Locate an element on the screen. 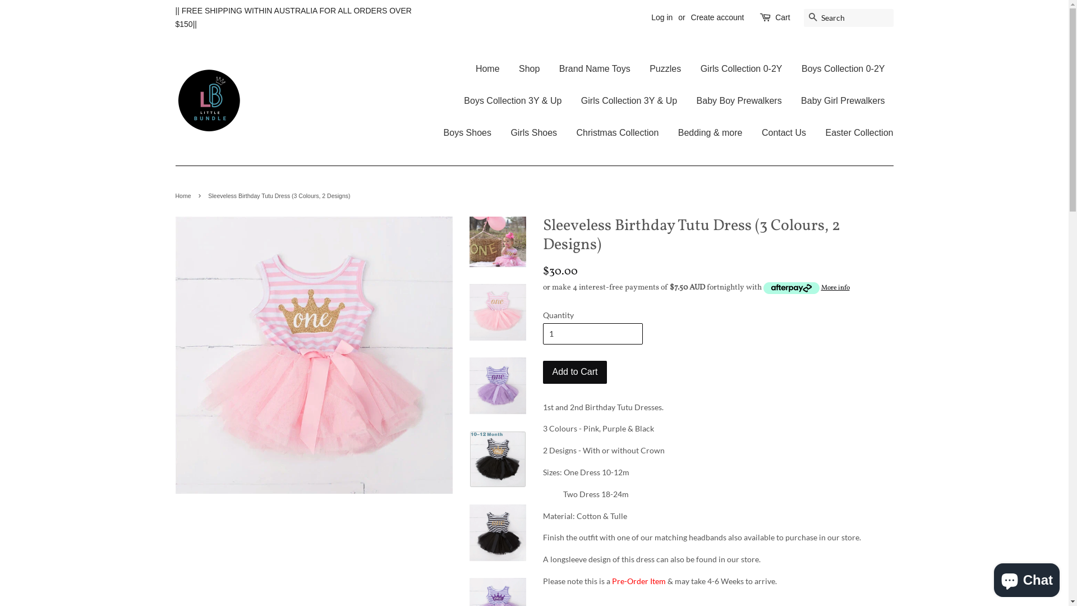 Image resolution: width=1077 pixels, height=606 pixels. 'Girls Collection 0-2Y' is located at coordinates (691, 68).